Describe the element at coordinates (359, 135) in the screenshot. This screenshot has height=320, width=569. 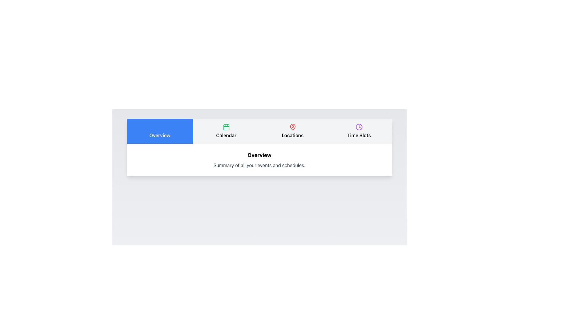
I see `the rightmost navigational option in the horizontal navigation bar that likely leads to managing or viewing time slots` at that location.